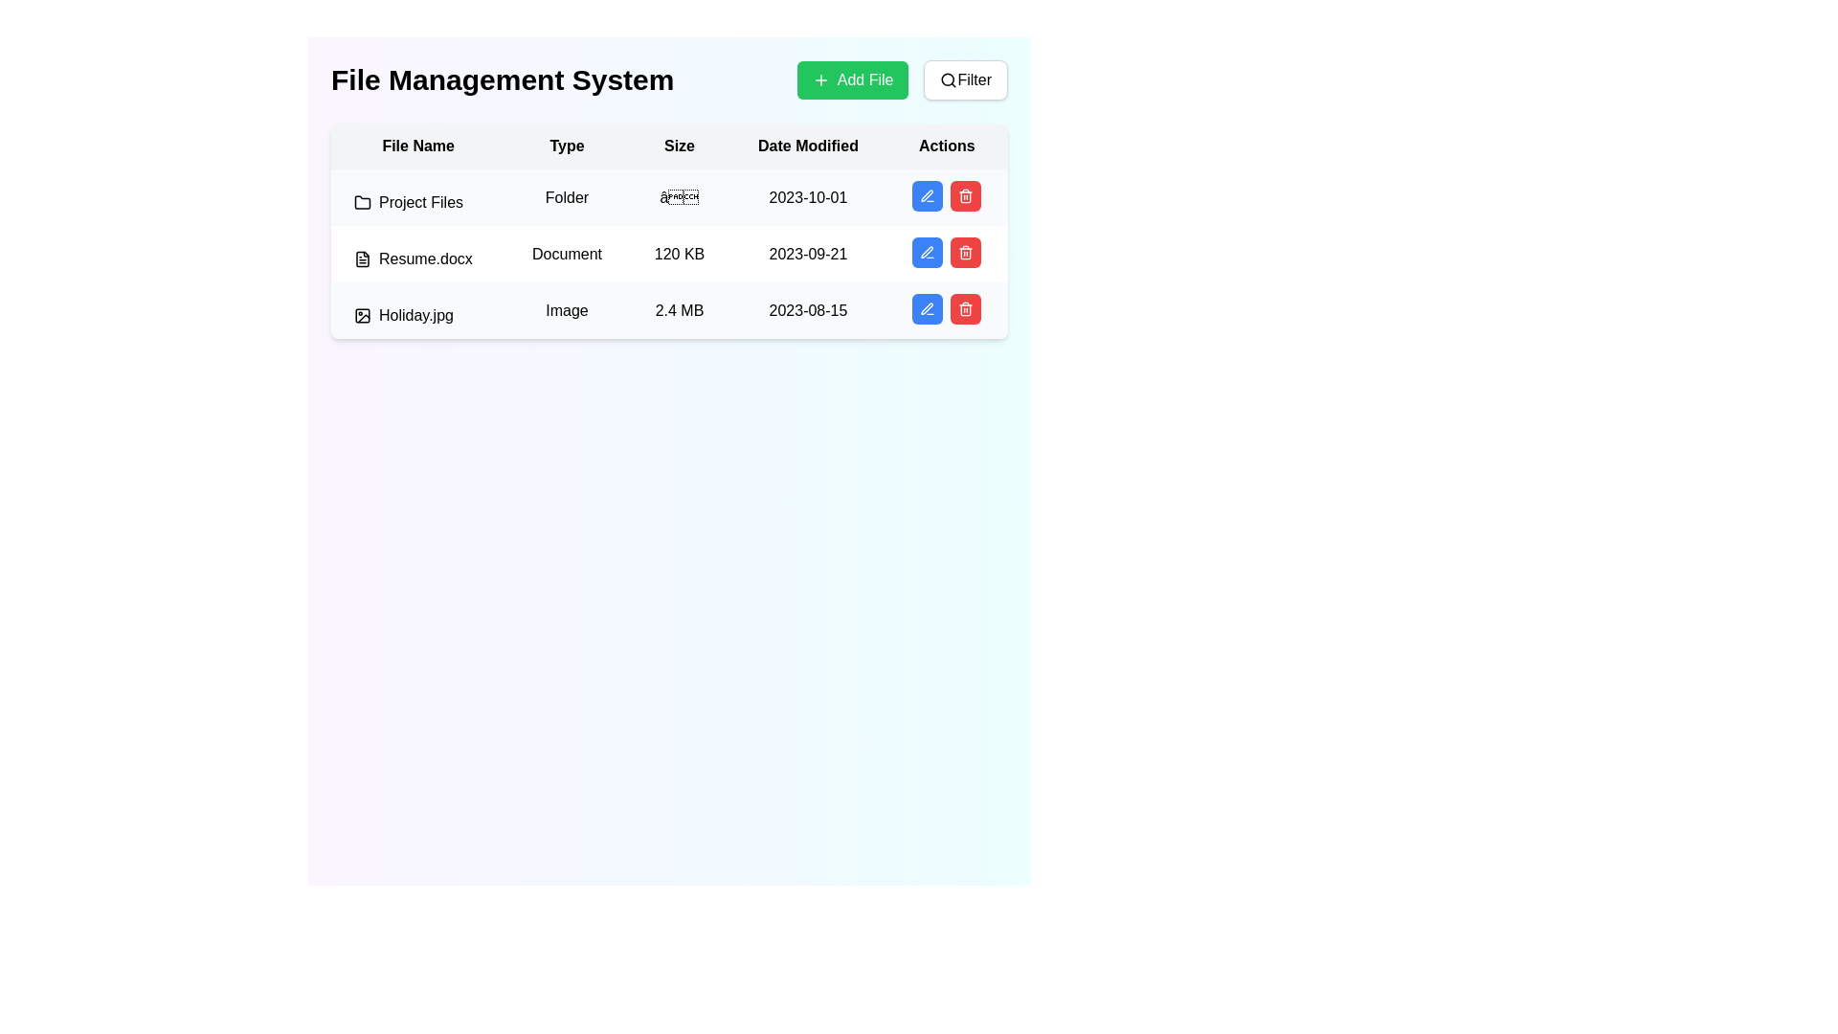 The height and width of the screenshot is (1034, 1838). What do you see at coordinates (928, 195) in the screenshot?
I see `the small pen icon embedded within a blue circular button located in the 'Actions' column of the second row of the interface's table` at bounding box center [928, 195].